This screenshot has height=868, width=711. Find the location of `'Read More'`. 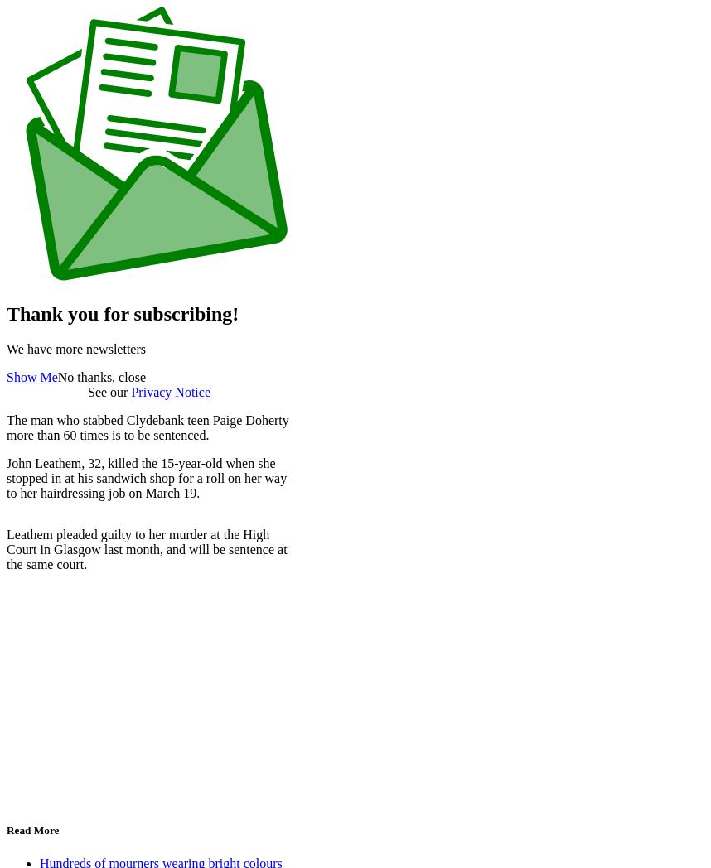

'Read More' is located at coordinates (6, 829).